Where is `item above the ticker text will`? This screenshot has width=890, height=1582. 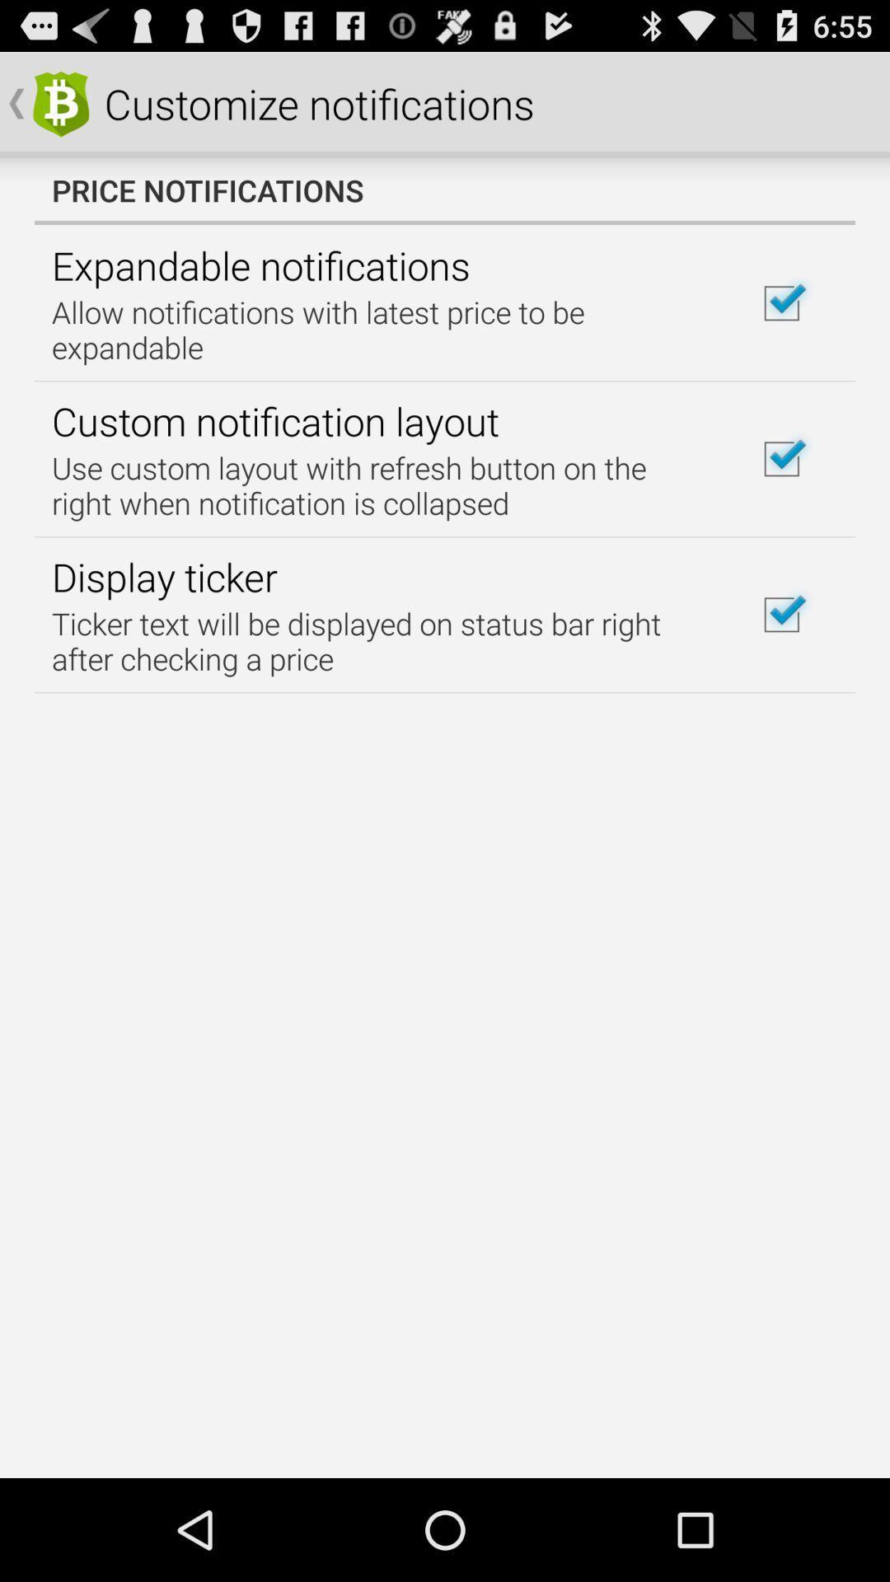
item above the ticker text will is located at coordinates (164, 577).